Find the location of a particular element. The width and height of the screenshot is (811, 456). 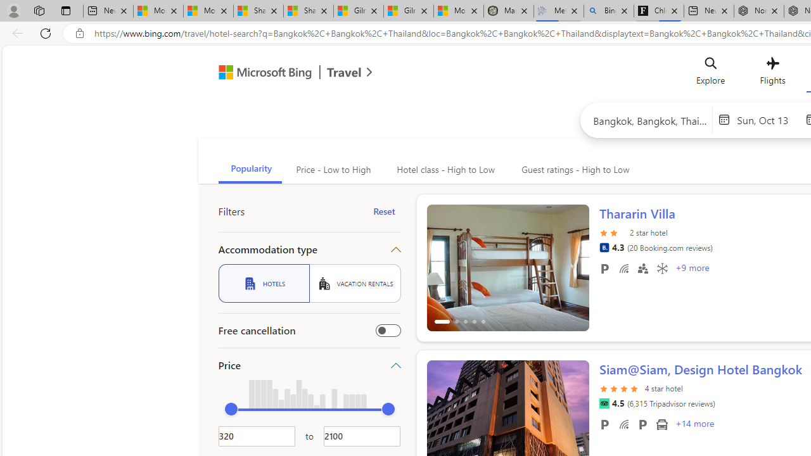

'Air conditioning' is located at coordinates (661, 267).